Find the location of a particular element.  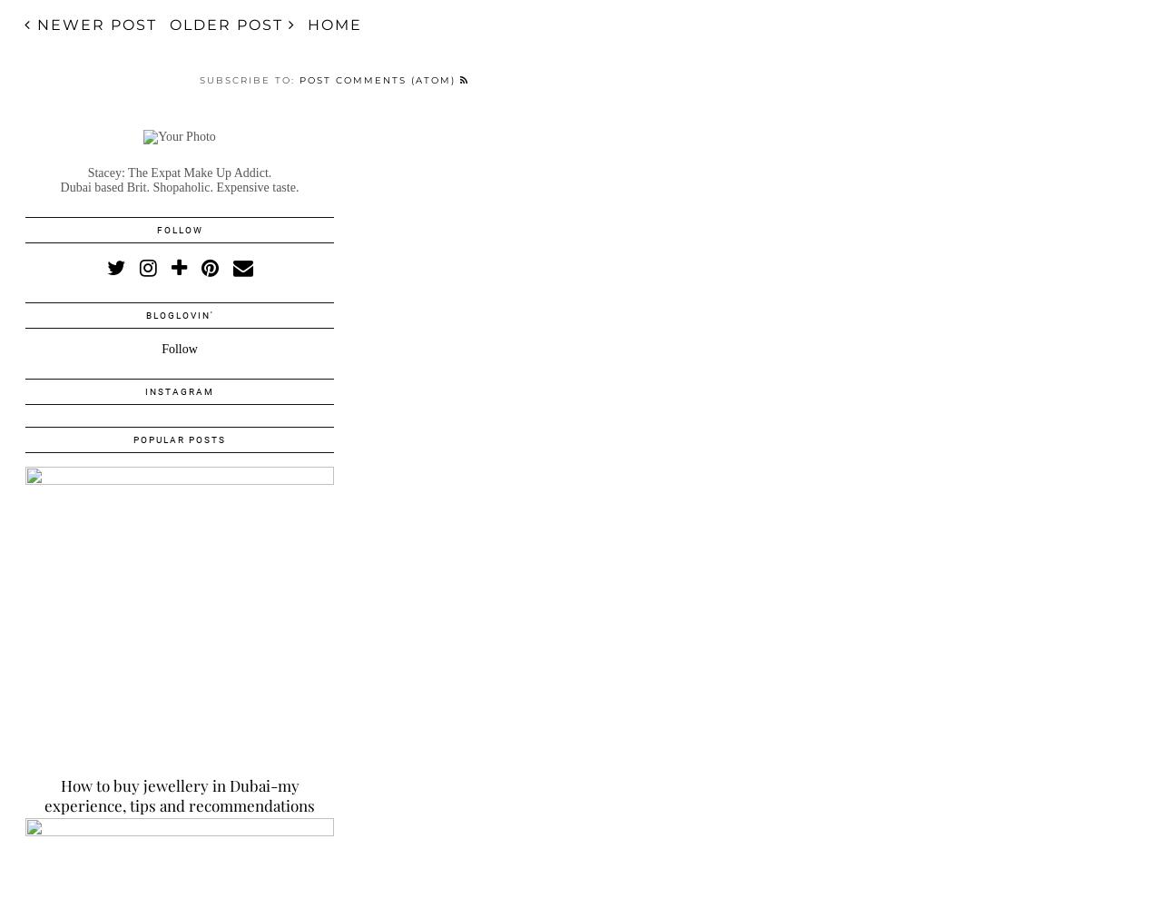

'Popular Posts' is located at coordinates (179, 439).